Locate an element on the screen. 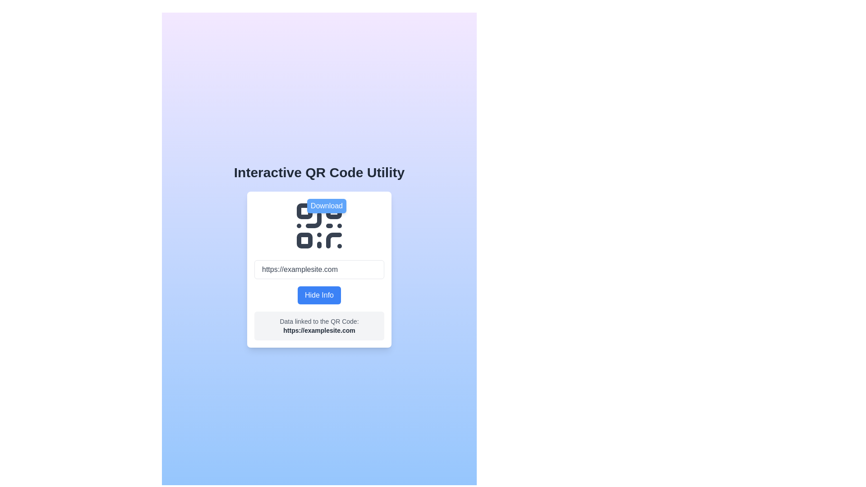  the top-left graphical icon element of the QR code visually is located at coordinates (304, 211).